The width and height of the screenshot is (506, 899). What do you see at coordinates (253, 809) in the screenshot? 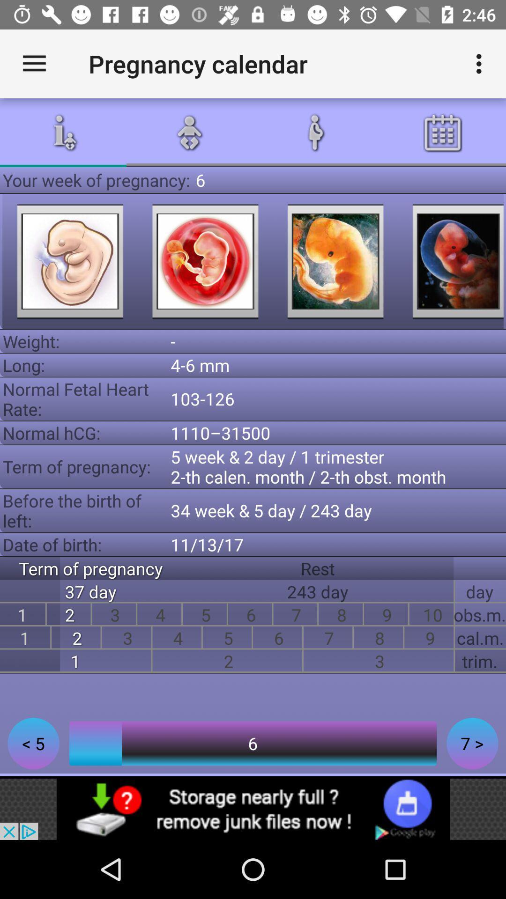
I see `advertisement page` at bounding box center [253, 809].